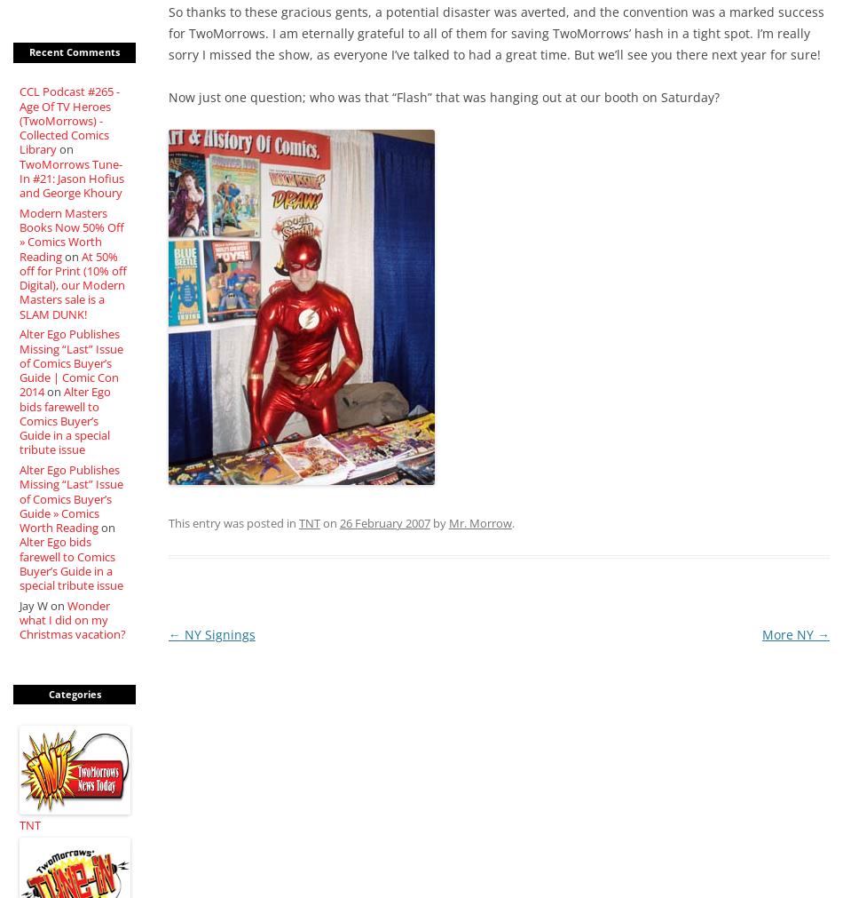  I want to click on 'Modern Masters Books Now 50% Off » Comics Worth Reading', so click(70, 234).